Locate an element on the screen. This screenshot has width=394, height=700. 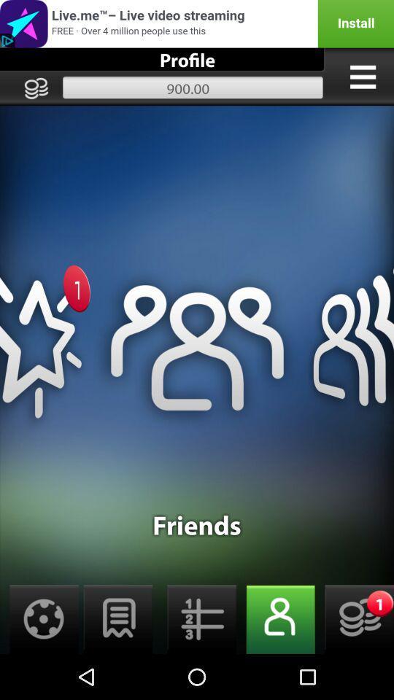
the chat icon is located at coordinates (117, 663).